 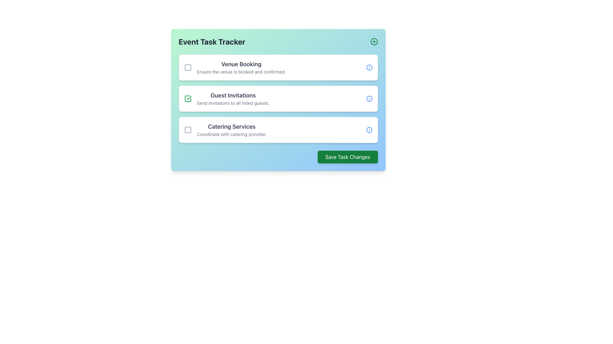 What do you see at coordinates (369, 130) in the screenshot?
I see `the circular icon button with a blue outline located at the far right of the 'Catering Services' row to show additional options` at bounding box center [369, 130].